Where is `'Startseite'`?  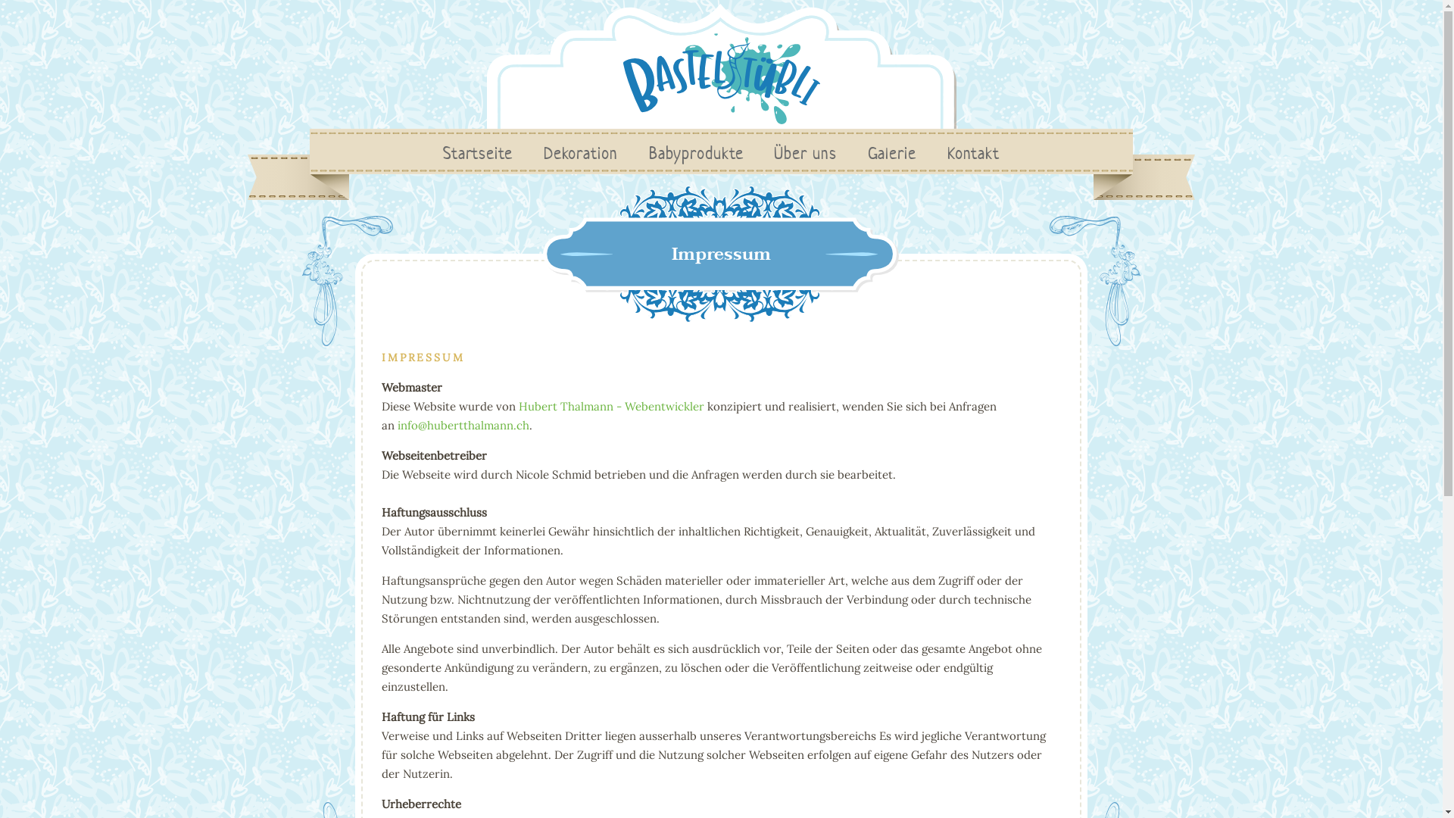
'Startseite' is located at coordinates (476, 153).